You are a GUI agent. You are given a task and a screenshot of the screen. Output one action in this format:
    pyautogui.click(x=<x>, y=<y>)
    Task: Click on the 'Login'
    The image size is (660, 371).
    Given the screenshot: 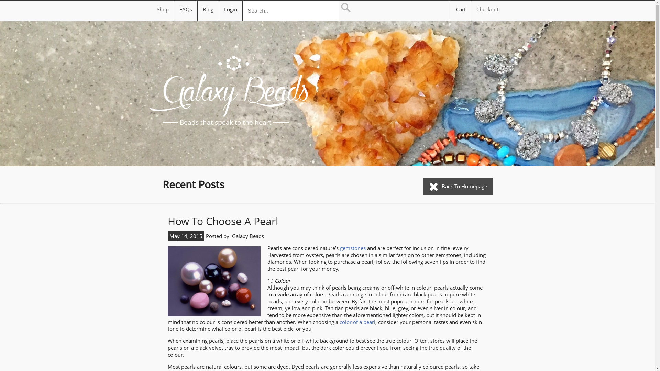 What is the action you would take?
    pyautogui.click(x=231, y=9)
    